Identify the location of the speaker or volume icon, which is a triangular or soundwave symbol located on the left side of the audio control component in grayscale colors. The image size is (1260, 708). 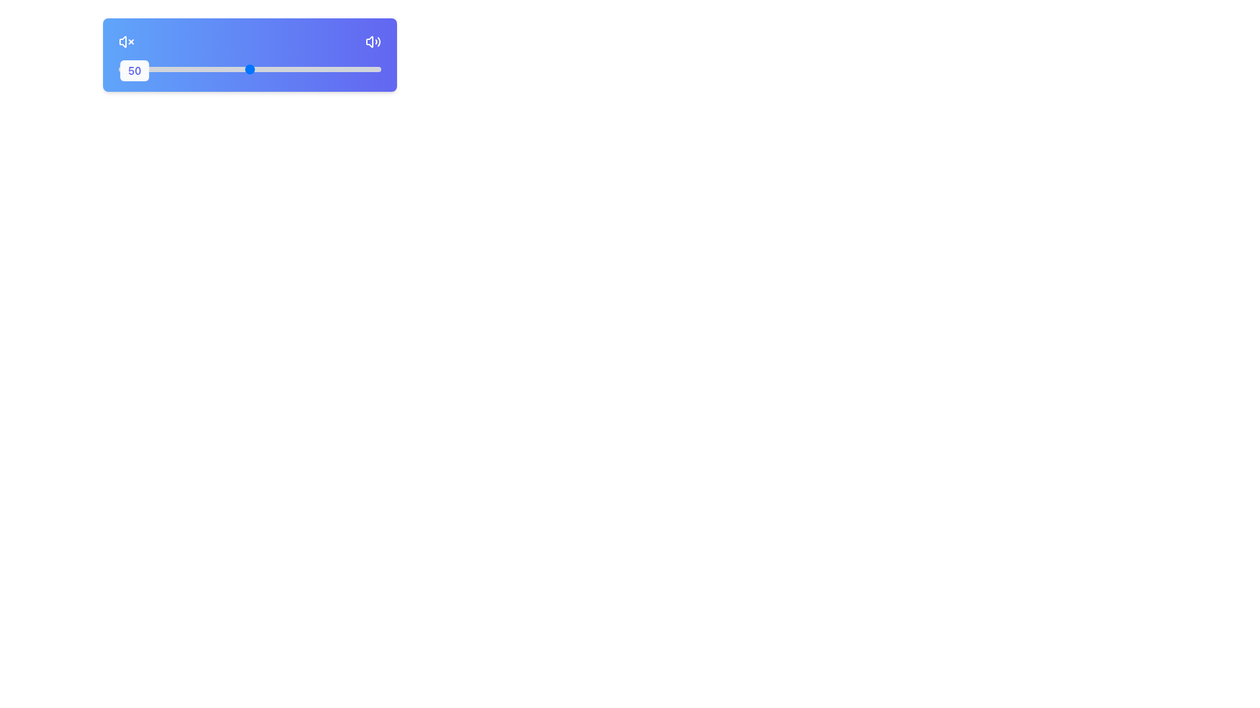
(369, 41).